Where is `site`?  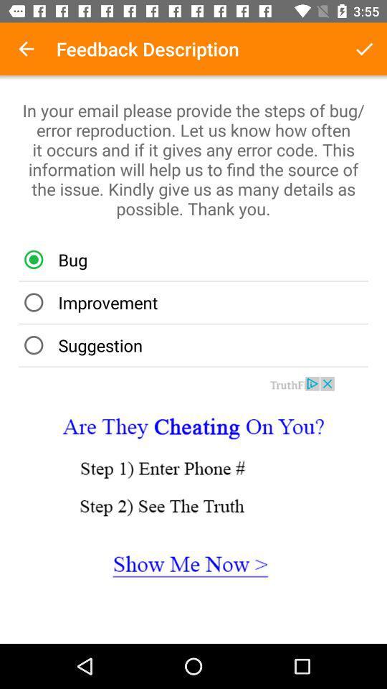
site is located at coordinates (193, 495).